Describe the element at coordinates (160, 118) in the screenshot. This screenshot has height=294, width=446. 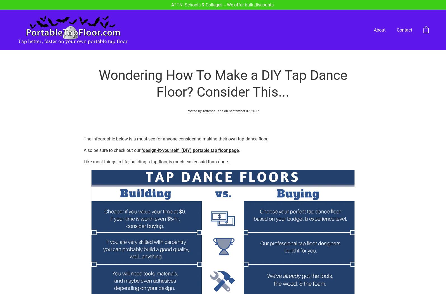
I see `'The infographic below is a must-see for anyone considering making their own'` at that location.